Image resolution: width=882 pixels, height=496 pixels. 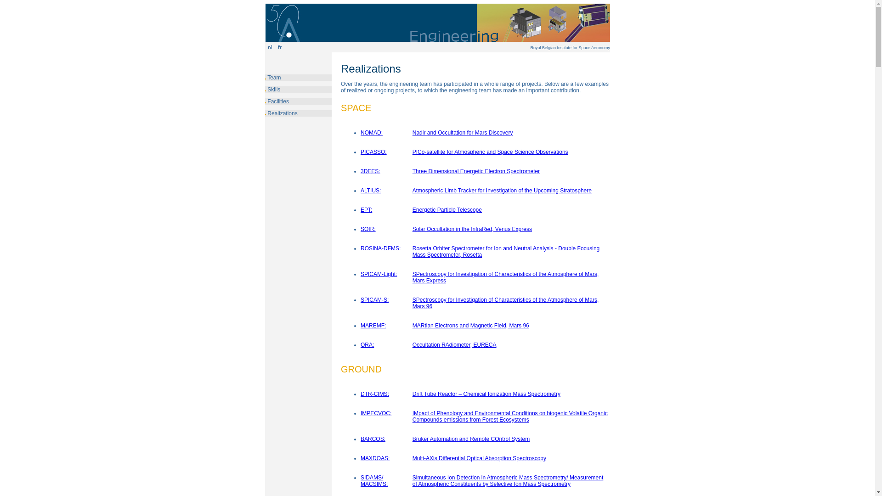 I want to click on 'NOMAD:', so click(x=372, y=133).